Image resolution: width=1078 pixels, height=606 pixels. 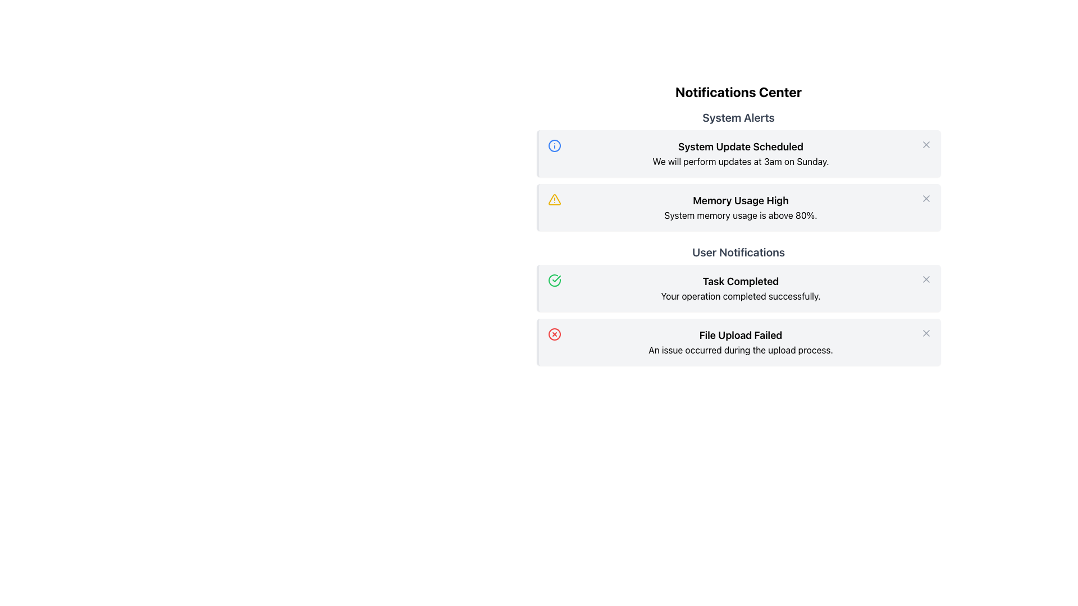 What do you see at coordinates (926, 144) in the screenshot?
I see `the small gray 'X' icon located in the top-right corner of the 'System Update Scheduled' notification panel to change its color` at bounding box center [926, 144].